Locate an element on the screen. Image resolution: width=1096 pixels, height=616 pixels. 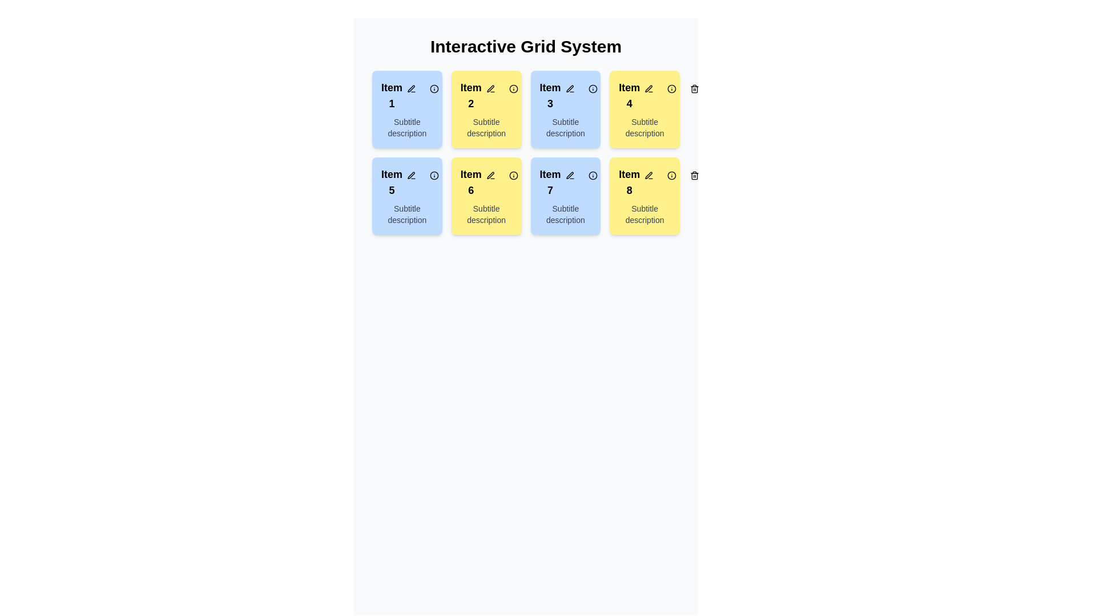
the circular button with an 'i' symbol located in the top-right portion of the 'Item 4' card for accessibility features is located at coordinates (672, 88).